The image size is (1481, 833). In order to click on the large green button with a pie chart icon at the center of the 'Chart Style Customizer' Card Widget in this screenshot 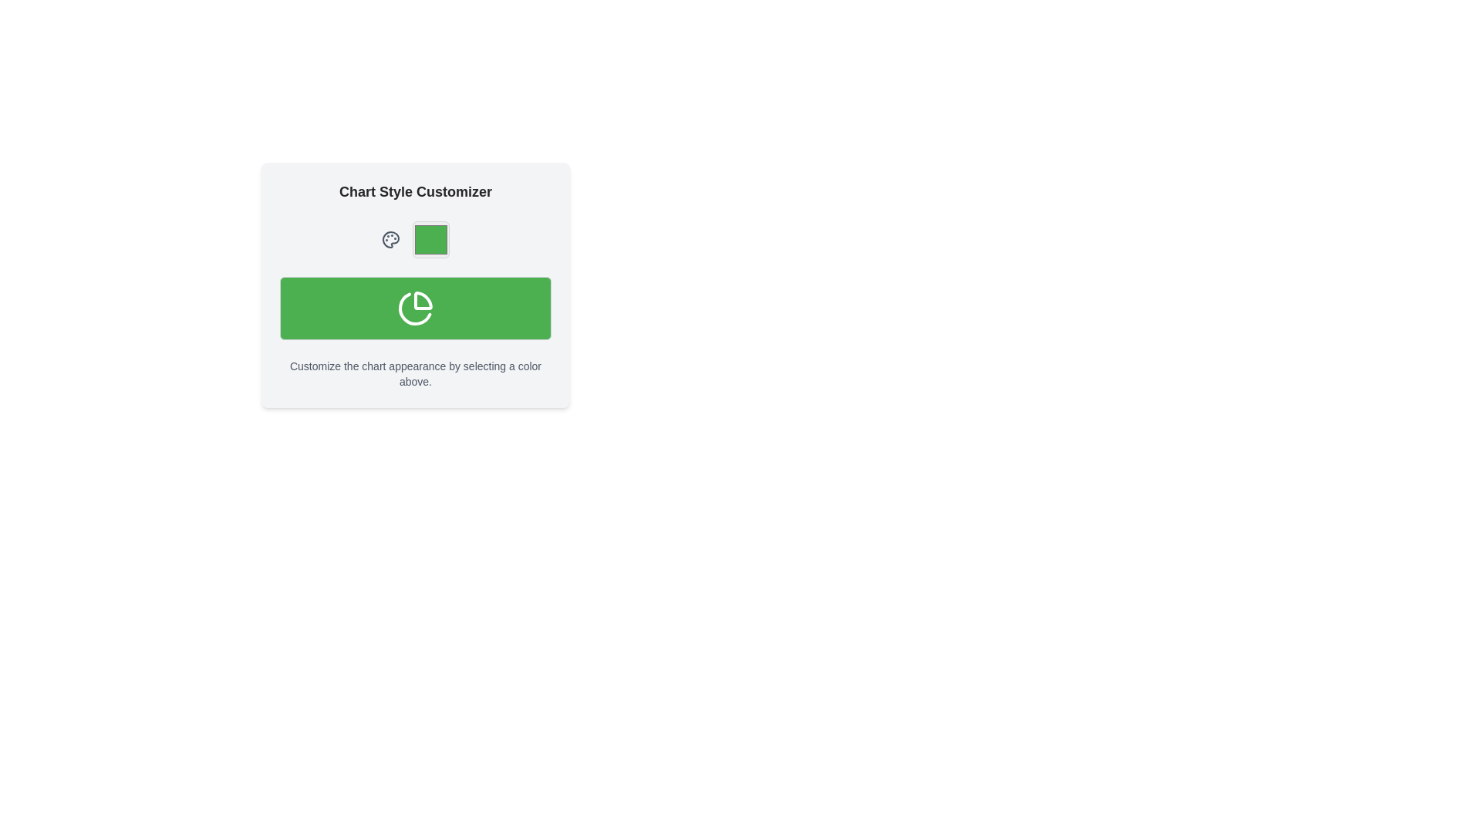, I will do `click(415, 285)`.